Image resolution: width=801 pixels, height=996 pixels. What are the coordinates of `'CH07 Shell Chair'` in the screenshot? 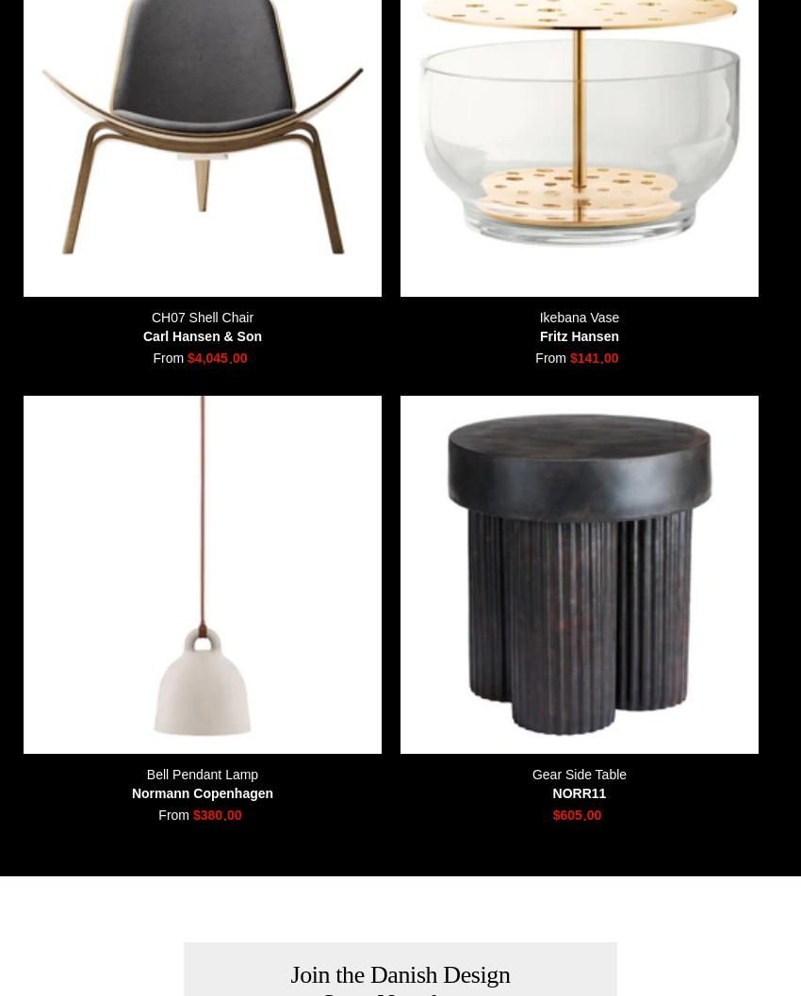 It's located at (150, 317).